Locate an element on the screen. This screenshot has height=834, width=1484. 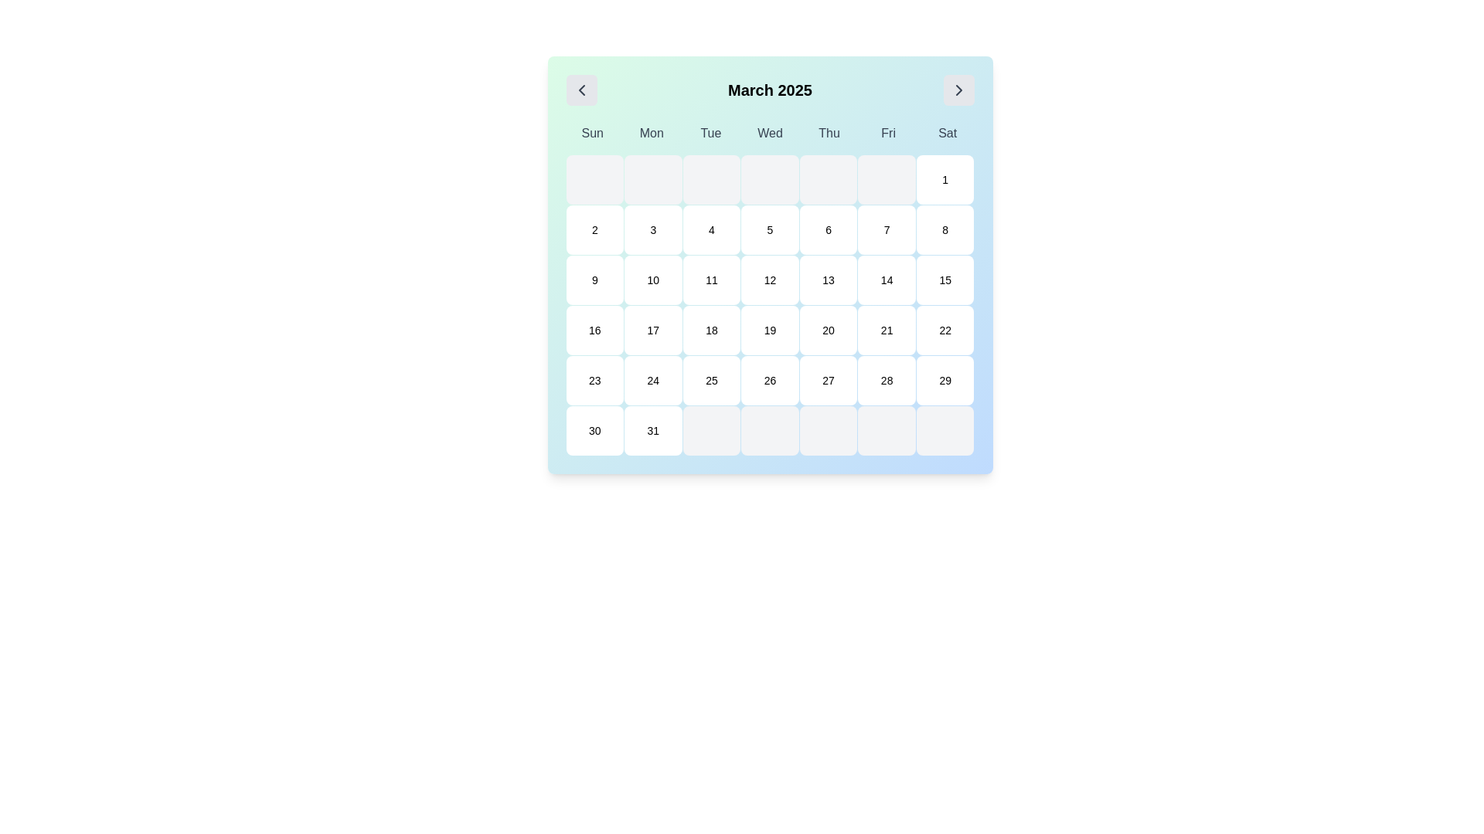
the calendar day cell displaying the text '12', which is styled with a white background and changes to blue upon hover, located in the third row and fifth column of the monthly calendar grid is located at coordinates (770, 280).